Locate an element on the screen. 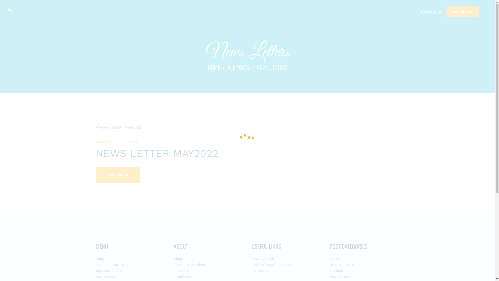 This screenshot has width=499, height=281. '56' is located at coordinates (134, 142).